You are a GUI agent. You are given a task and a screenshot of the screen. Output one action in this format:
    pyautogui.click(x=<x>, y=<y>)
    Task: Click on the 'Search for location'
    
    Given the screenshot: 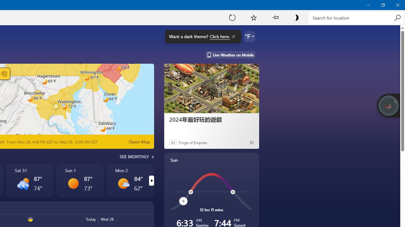 What is the action you would take?
    pyautogui.click(x=356, y=17)
    